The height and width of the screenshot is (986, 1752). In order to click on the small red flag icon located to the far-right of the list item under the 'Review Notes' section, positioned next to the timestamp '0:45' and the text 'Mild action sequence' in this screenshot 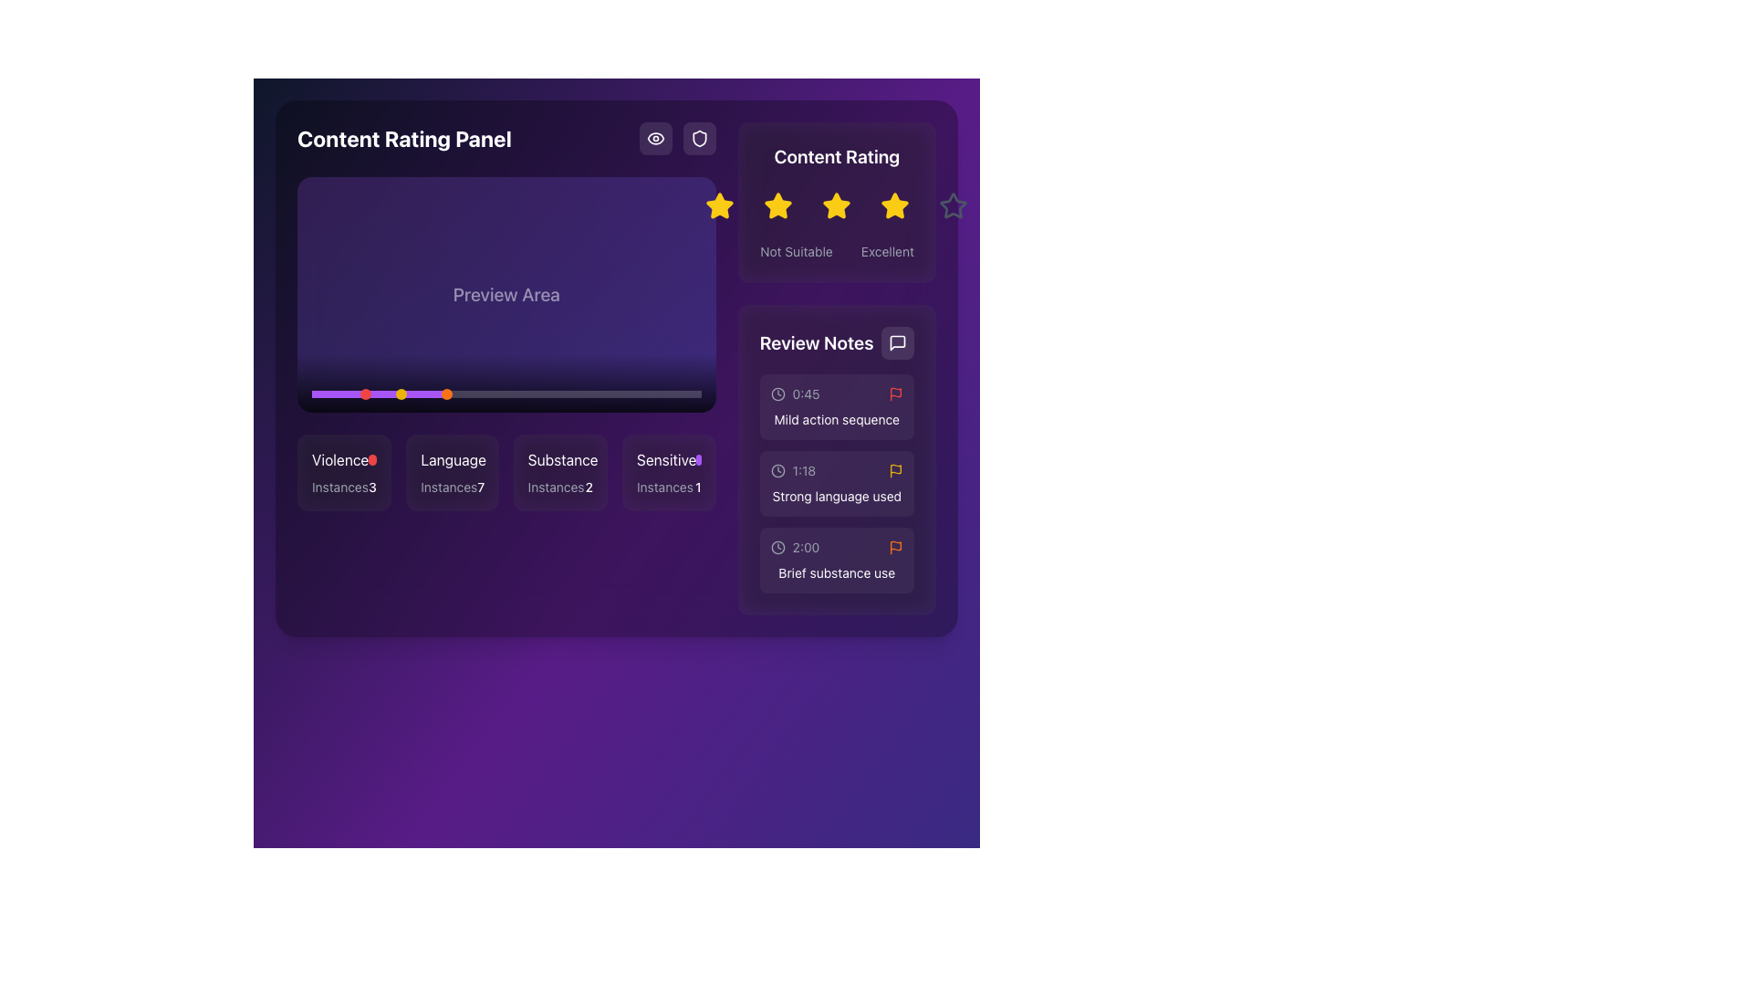, I will do `click(895, 393)`.